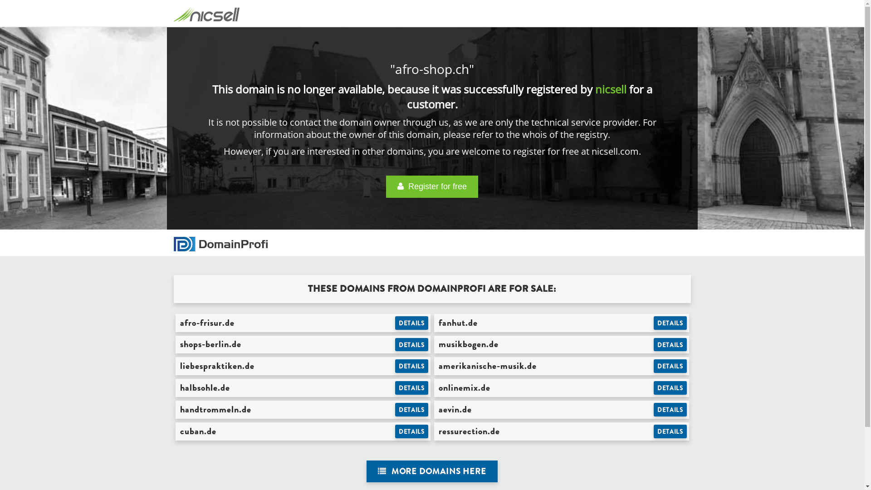 This screenshot has height=490, width=871. Describe the element at coordinates (670, 431) in the screenshot. I see `'DETAILS'` at that location.